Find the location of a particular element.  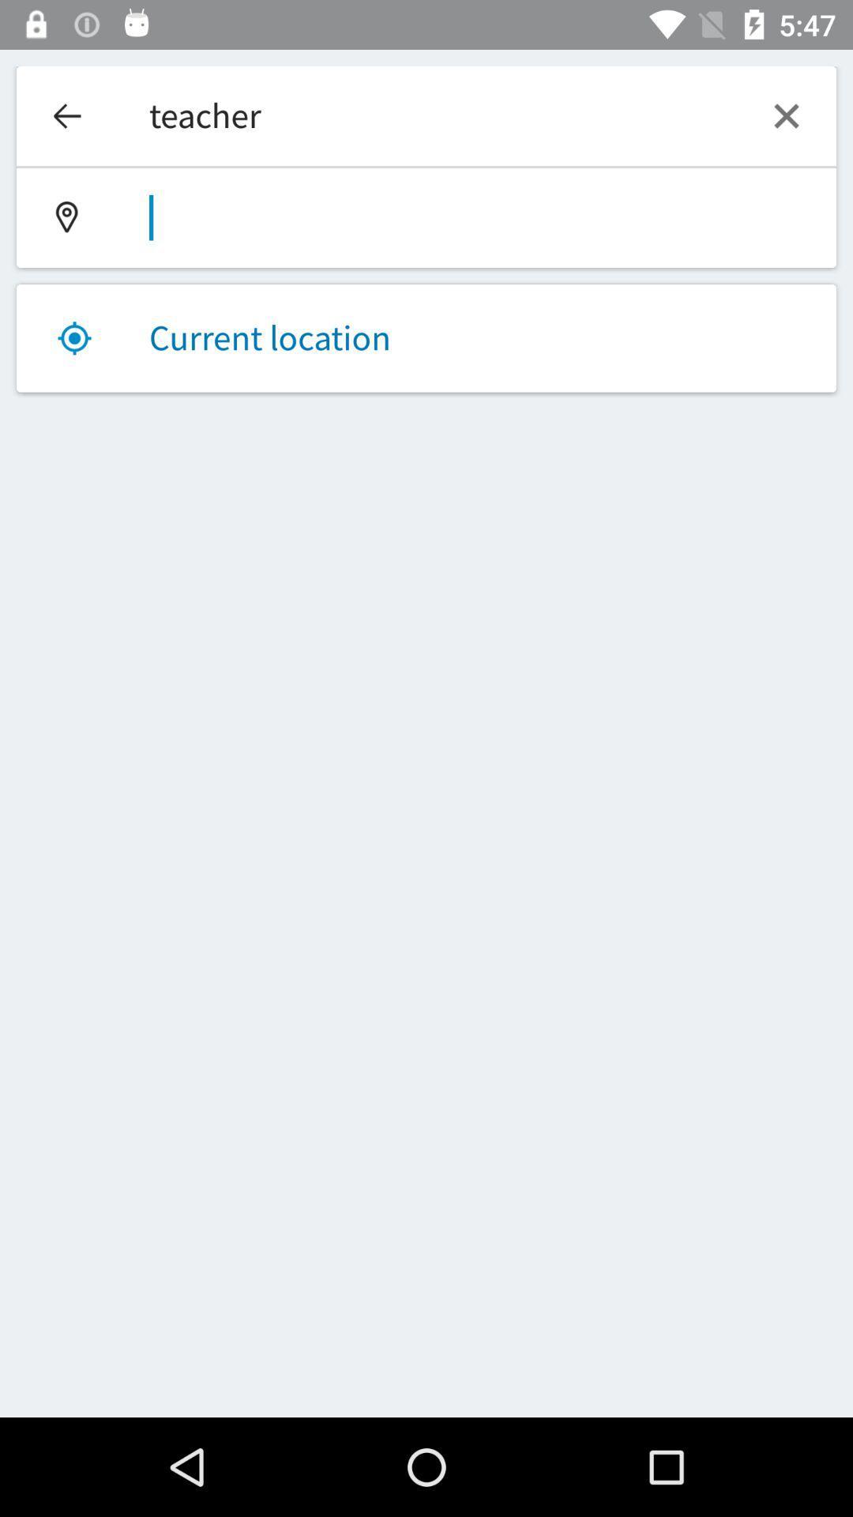

type destination is located at coordinates (426, 216).